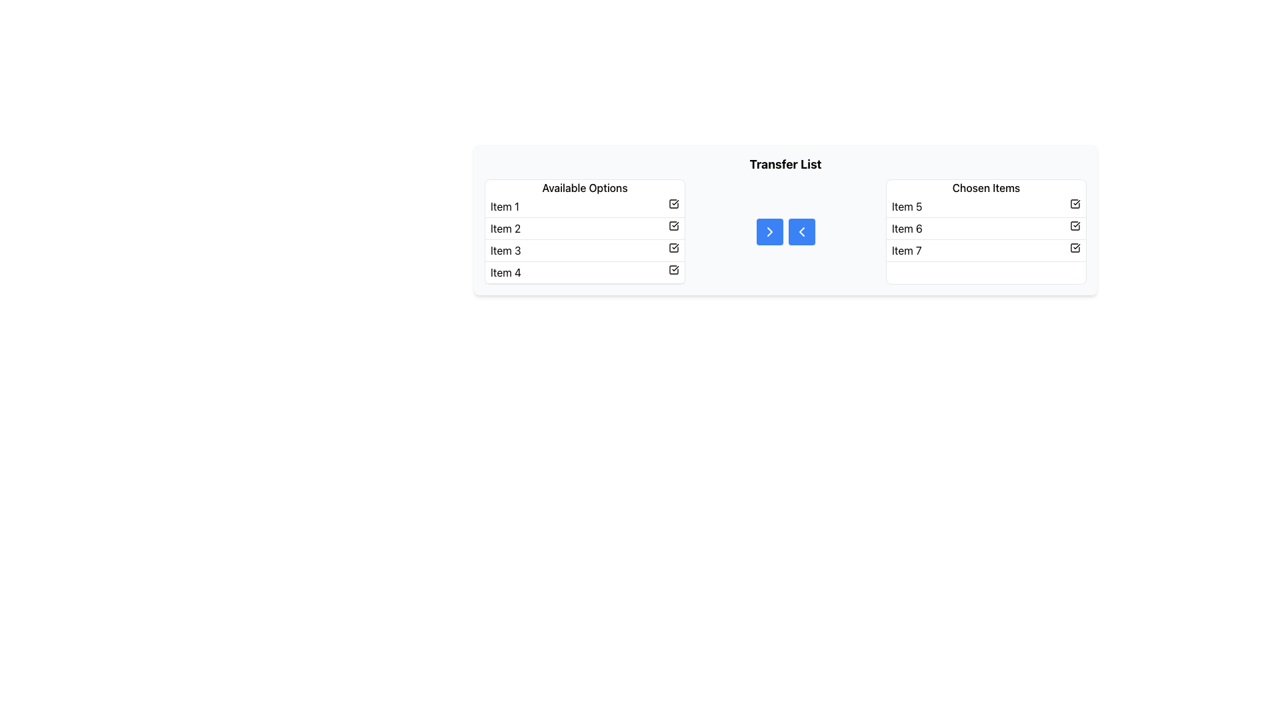 The width and height of the screenshot is (1280, 720). I want to click on the left-pointing chevron icon used for navigation in the Transfer List interface, located between the 'Available Options' and 'Chosen Items' lists, so click(801, 231).